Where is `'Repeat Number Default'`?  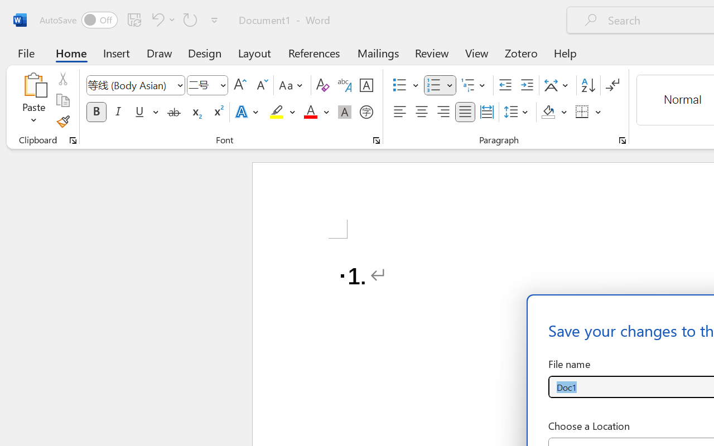 'Repeat Number Default' is located at coordinates (190, 19).